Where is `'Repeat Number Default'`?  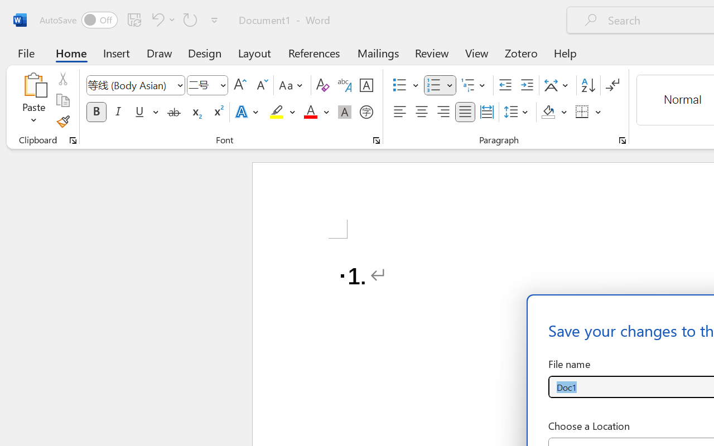 'Repeat Number Default' is located at coordinates (190, 19).